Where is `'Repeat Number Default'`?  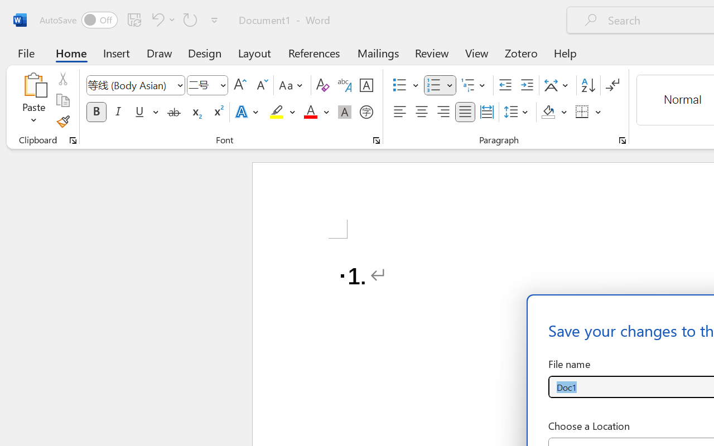 'Repeat Number Default' is located at coordinates (190, 19).